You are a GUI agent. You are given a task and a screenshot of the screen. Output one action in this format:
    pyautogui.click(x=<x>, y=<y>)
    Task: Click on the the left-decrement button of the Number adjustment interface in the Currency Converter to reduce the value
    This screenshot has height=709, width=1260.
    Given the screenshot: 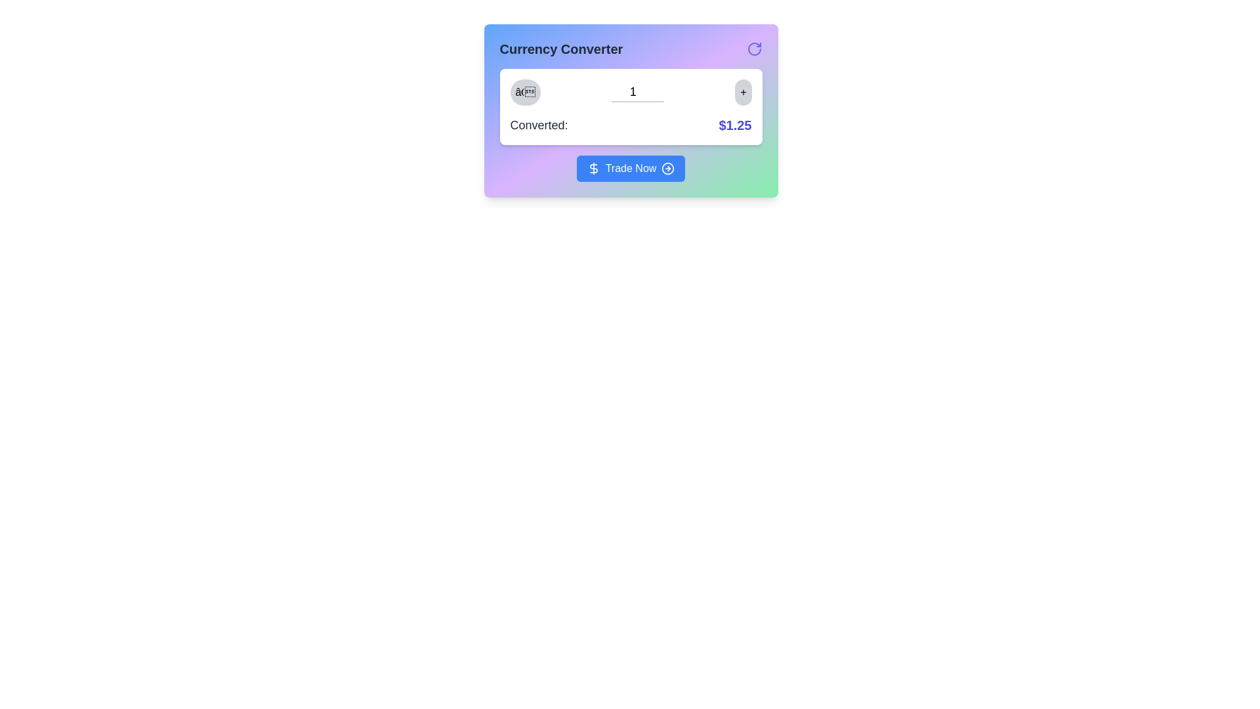 What is the action you would take?
    pyautogui.click(x=631, y=92)
    